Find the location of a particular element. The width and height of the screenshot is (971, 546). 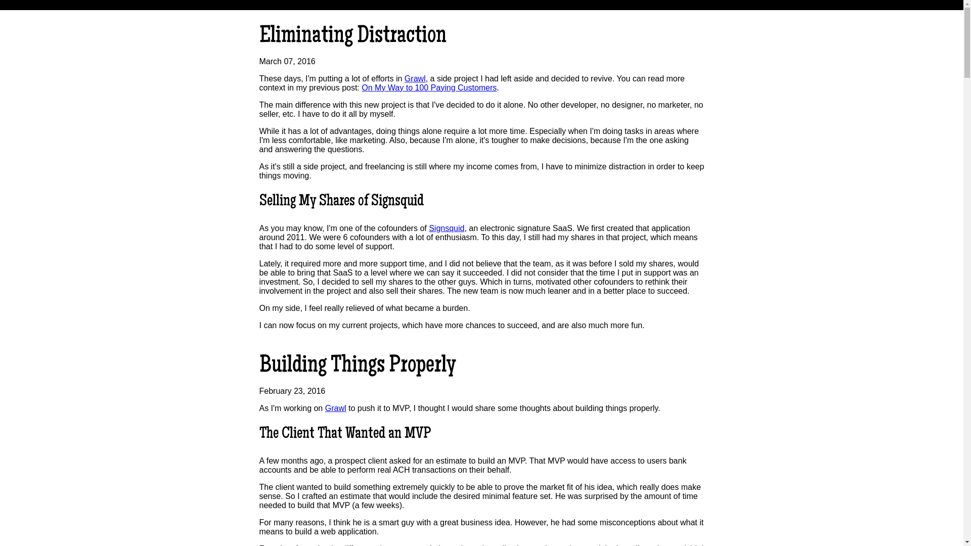

'On My Way to 100 Paying Customers' is located at coordinates (429, 87).